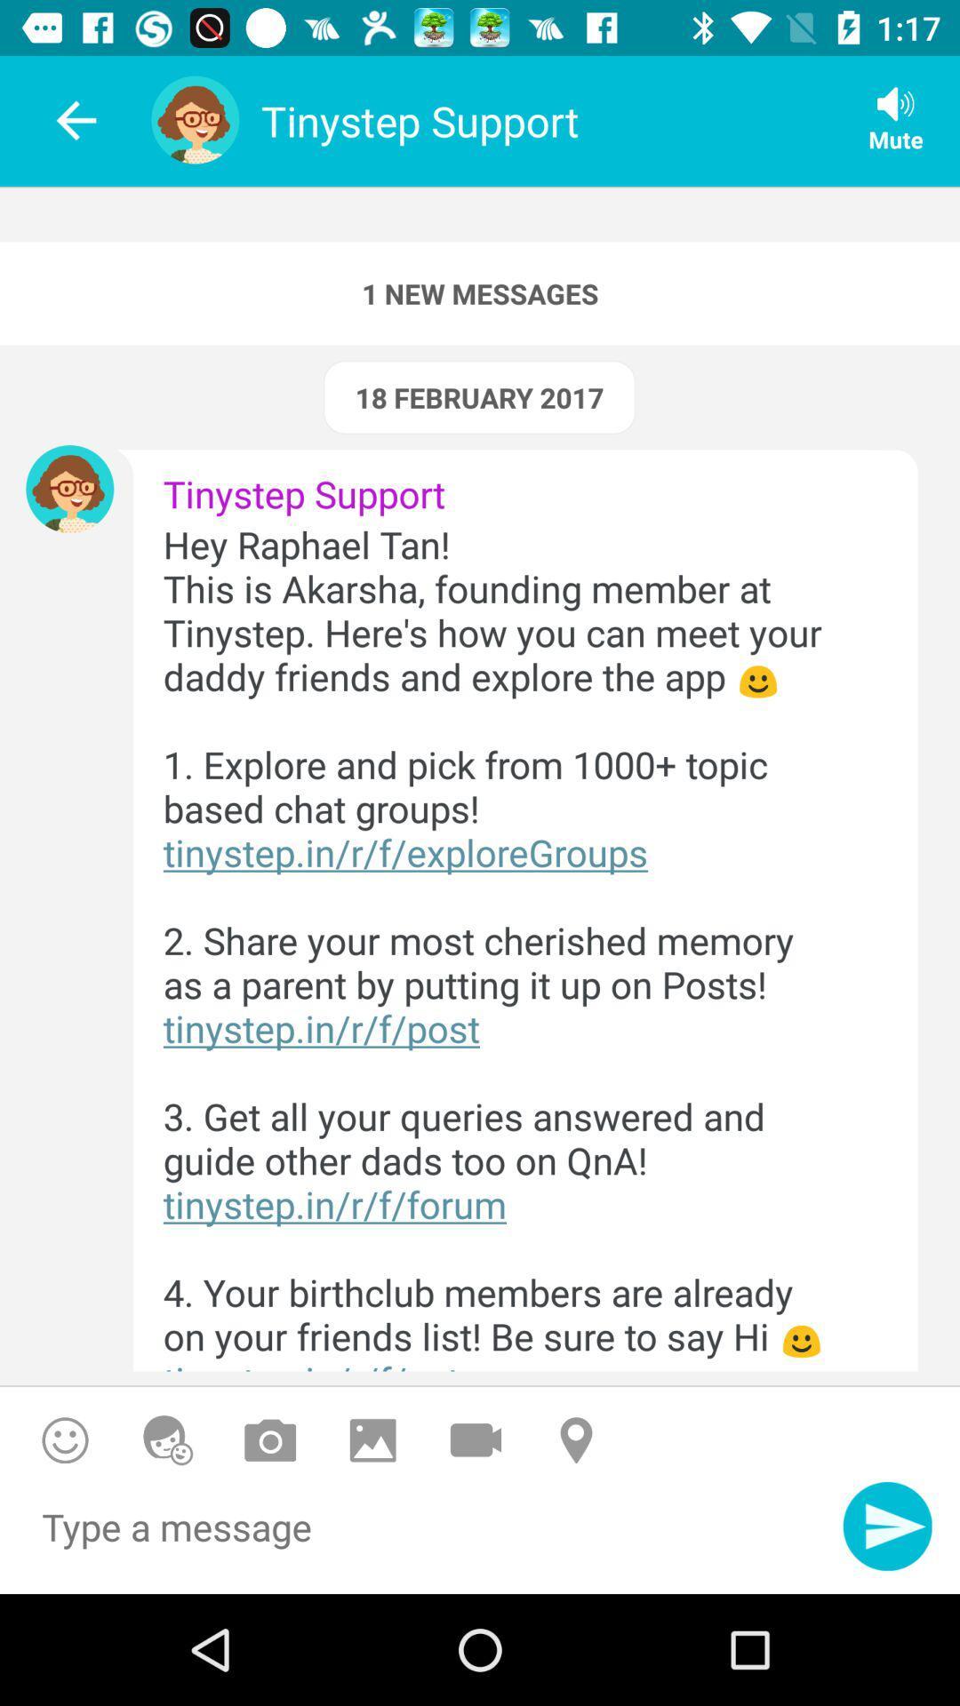  I want to click on hey raphael tan, so click(510, 944).